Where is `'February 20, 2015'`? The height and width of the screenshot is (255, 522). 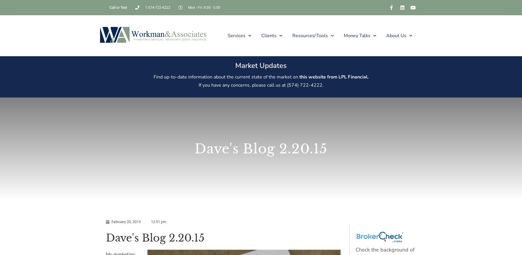
'February 20, 2015' is located at coordinates (126, 222).